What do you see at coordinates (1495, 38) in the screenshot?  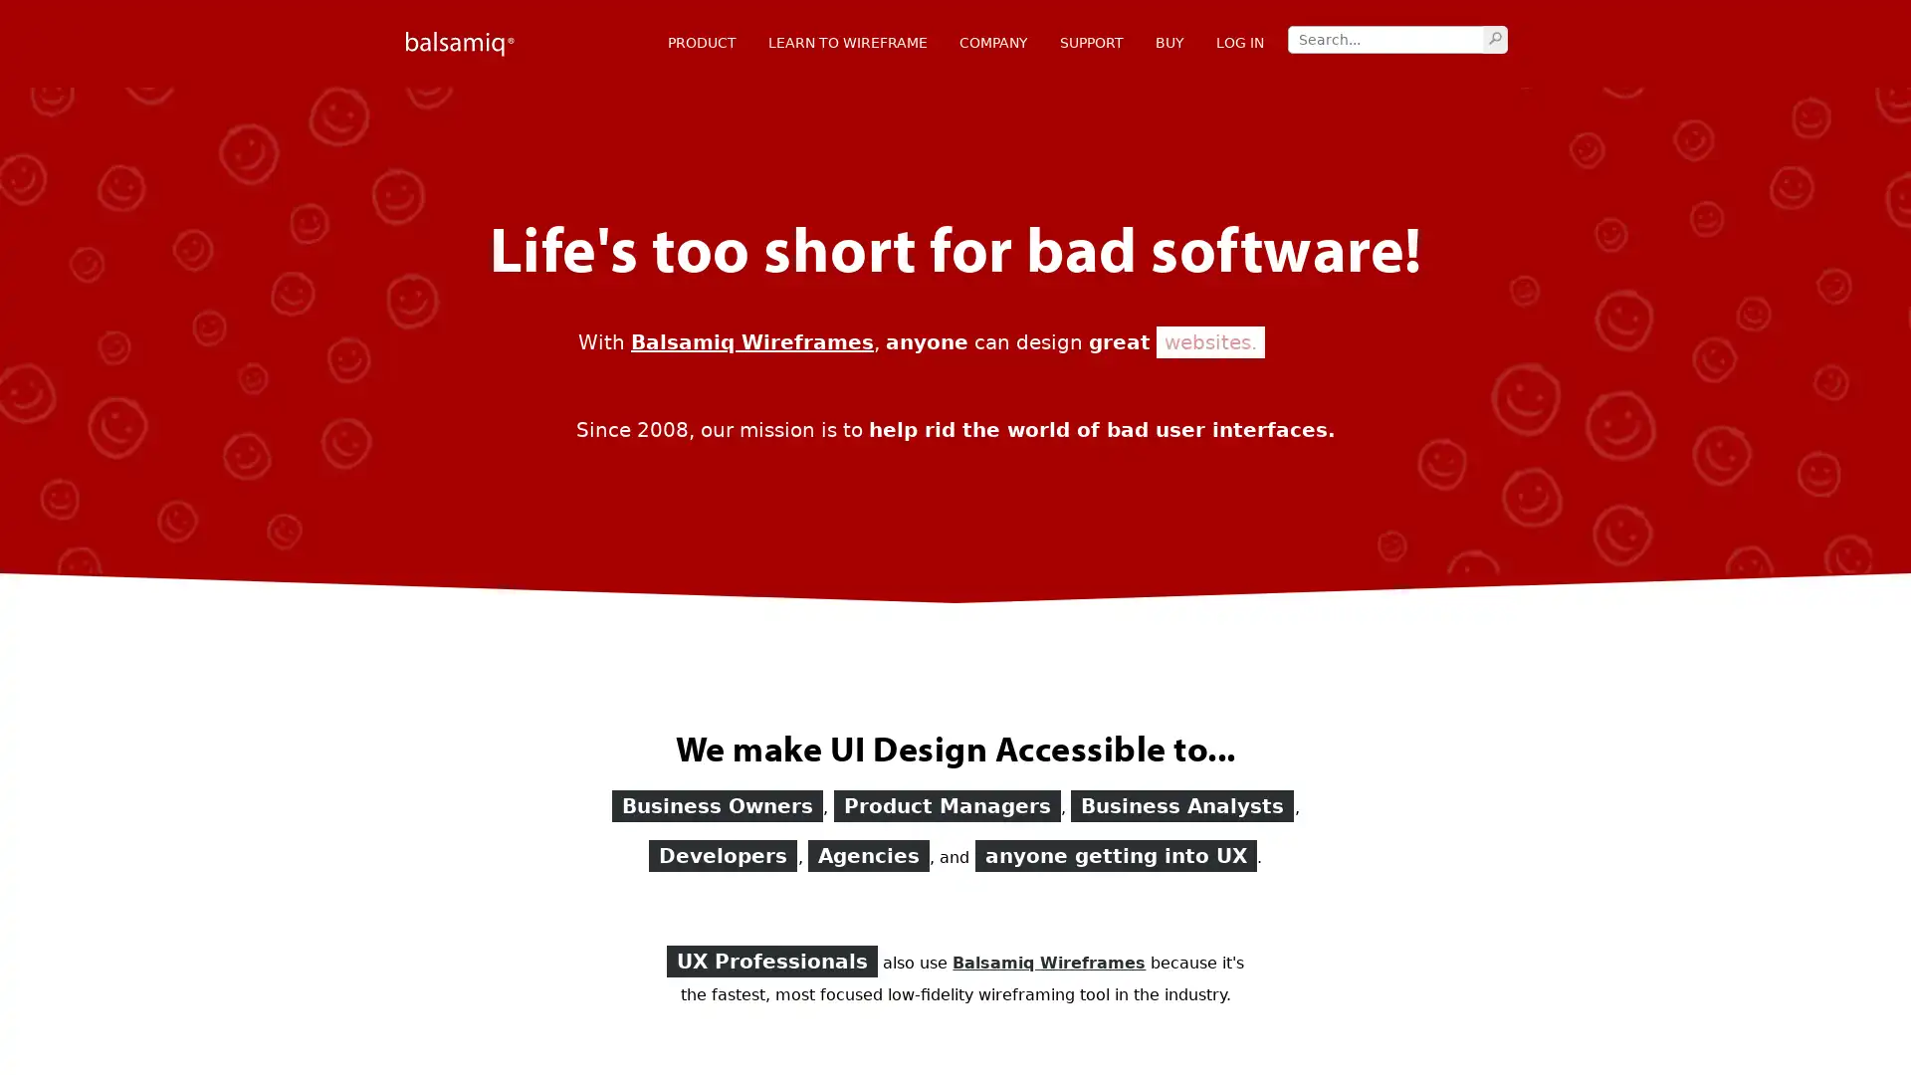 I see `Submit` at bounding box center [1495, 38].